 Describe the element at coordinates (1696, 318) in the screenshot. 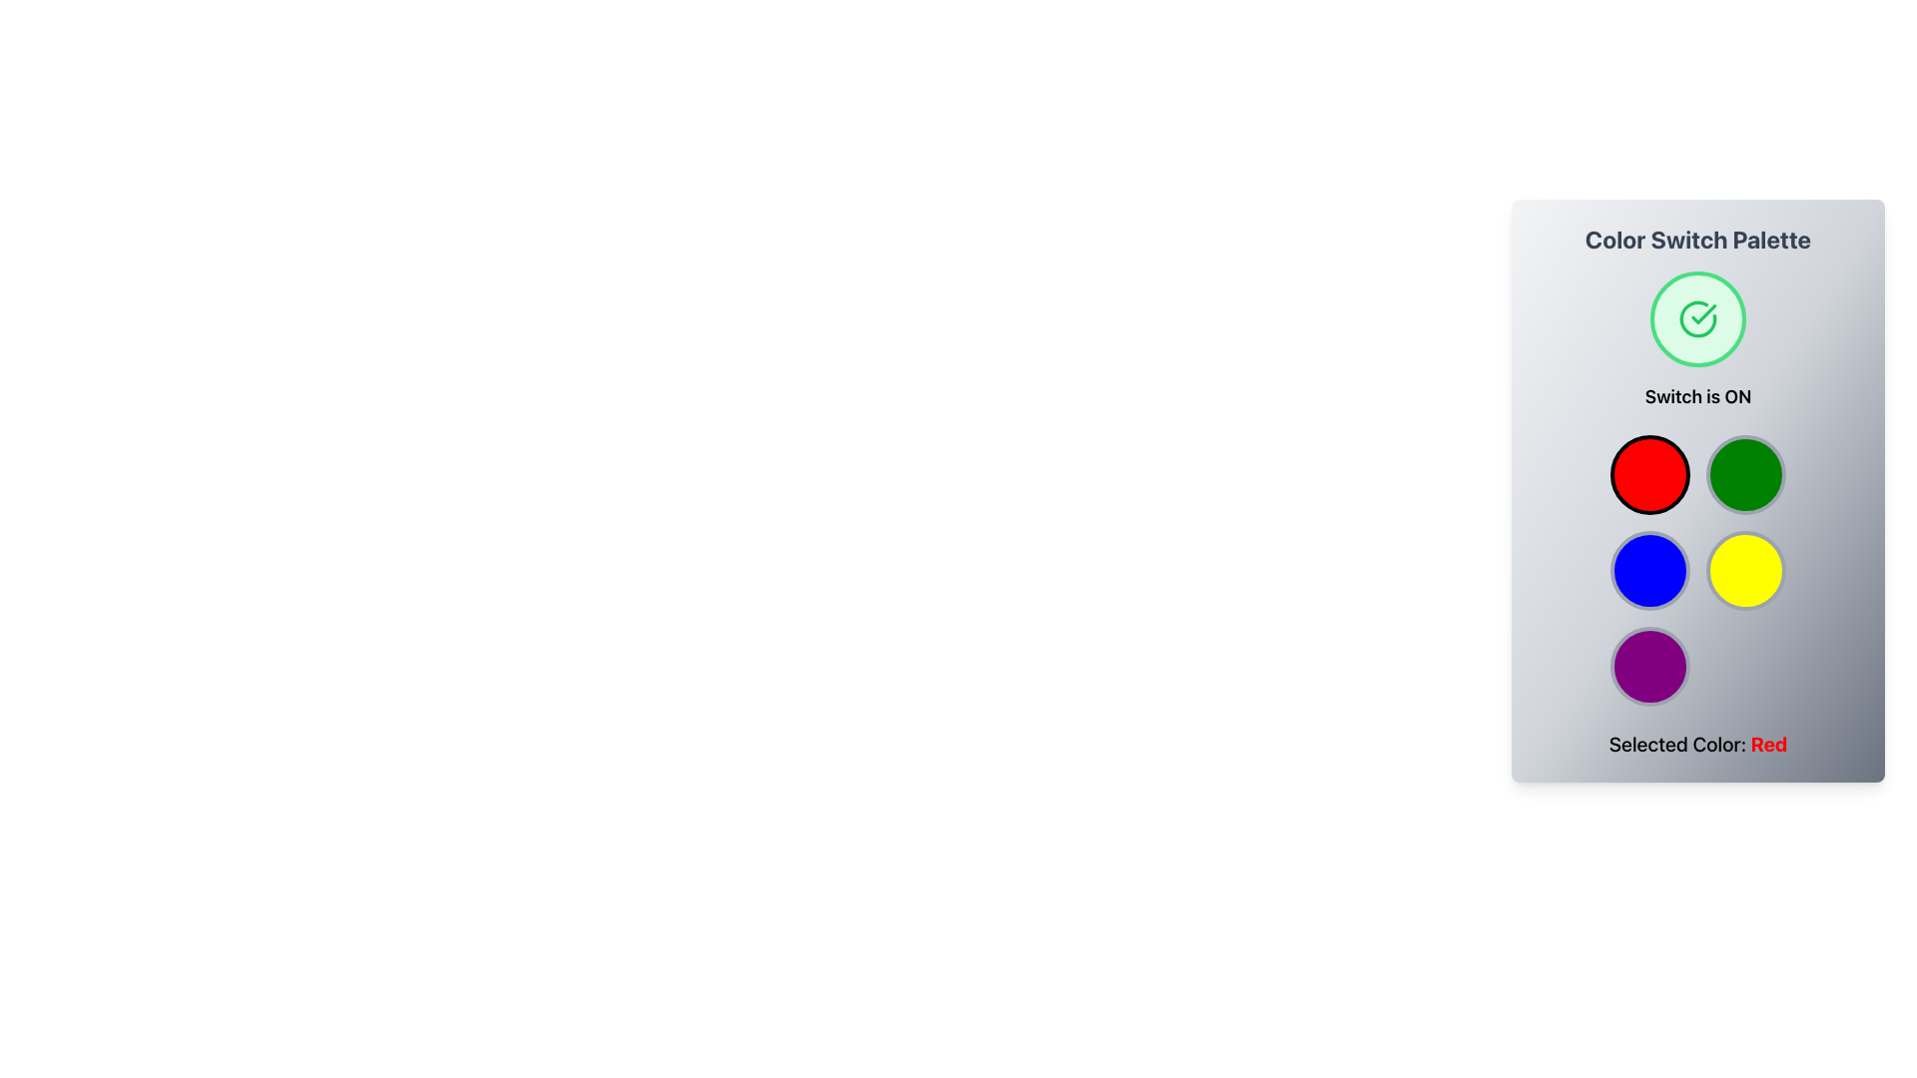

I see `the confirmation icon located centrally beneath the title 'Color Switch Palette' and above the text 'Switch is ON'` at that location.